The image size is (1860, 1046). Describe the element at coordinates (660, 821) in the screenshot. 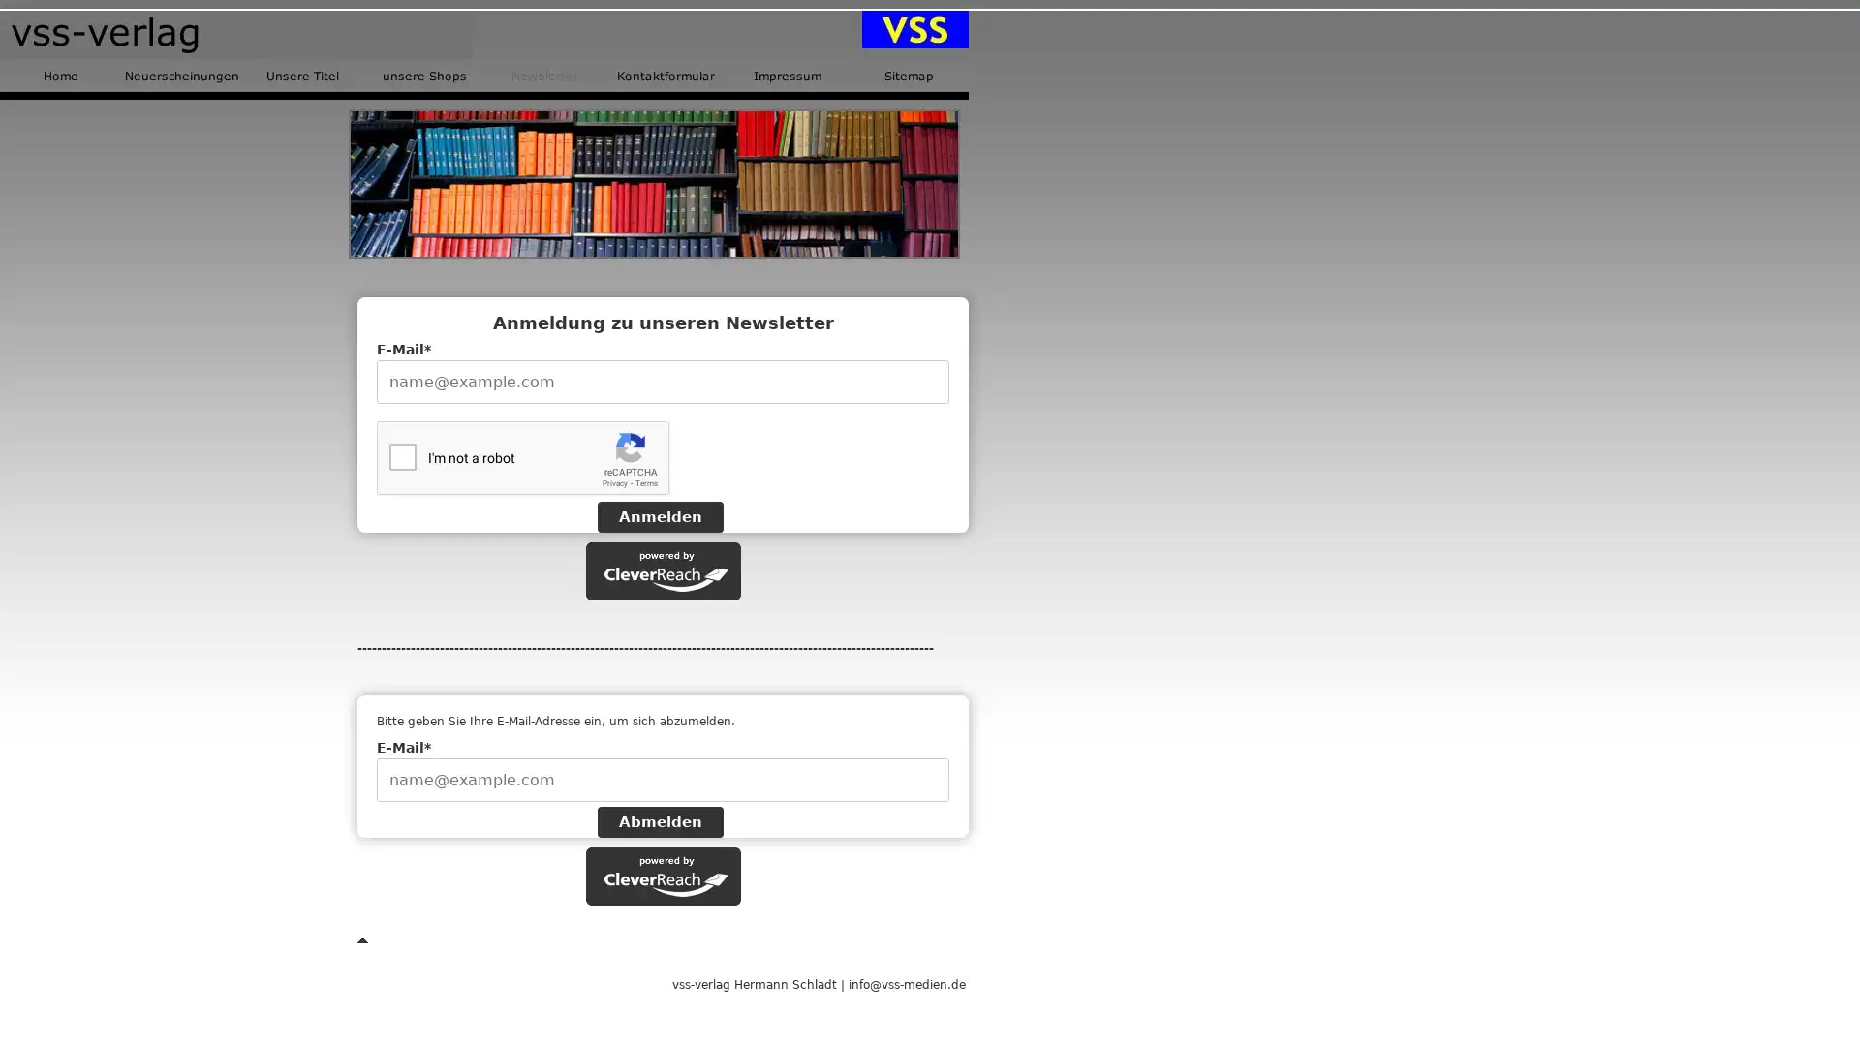

I see `Abmelden` at that location.